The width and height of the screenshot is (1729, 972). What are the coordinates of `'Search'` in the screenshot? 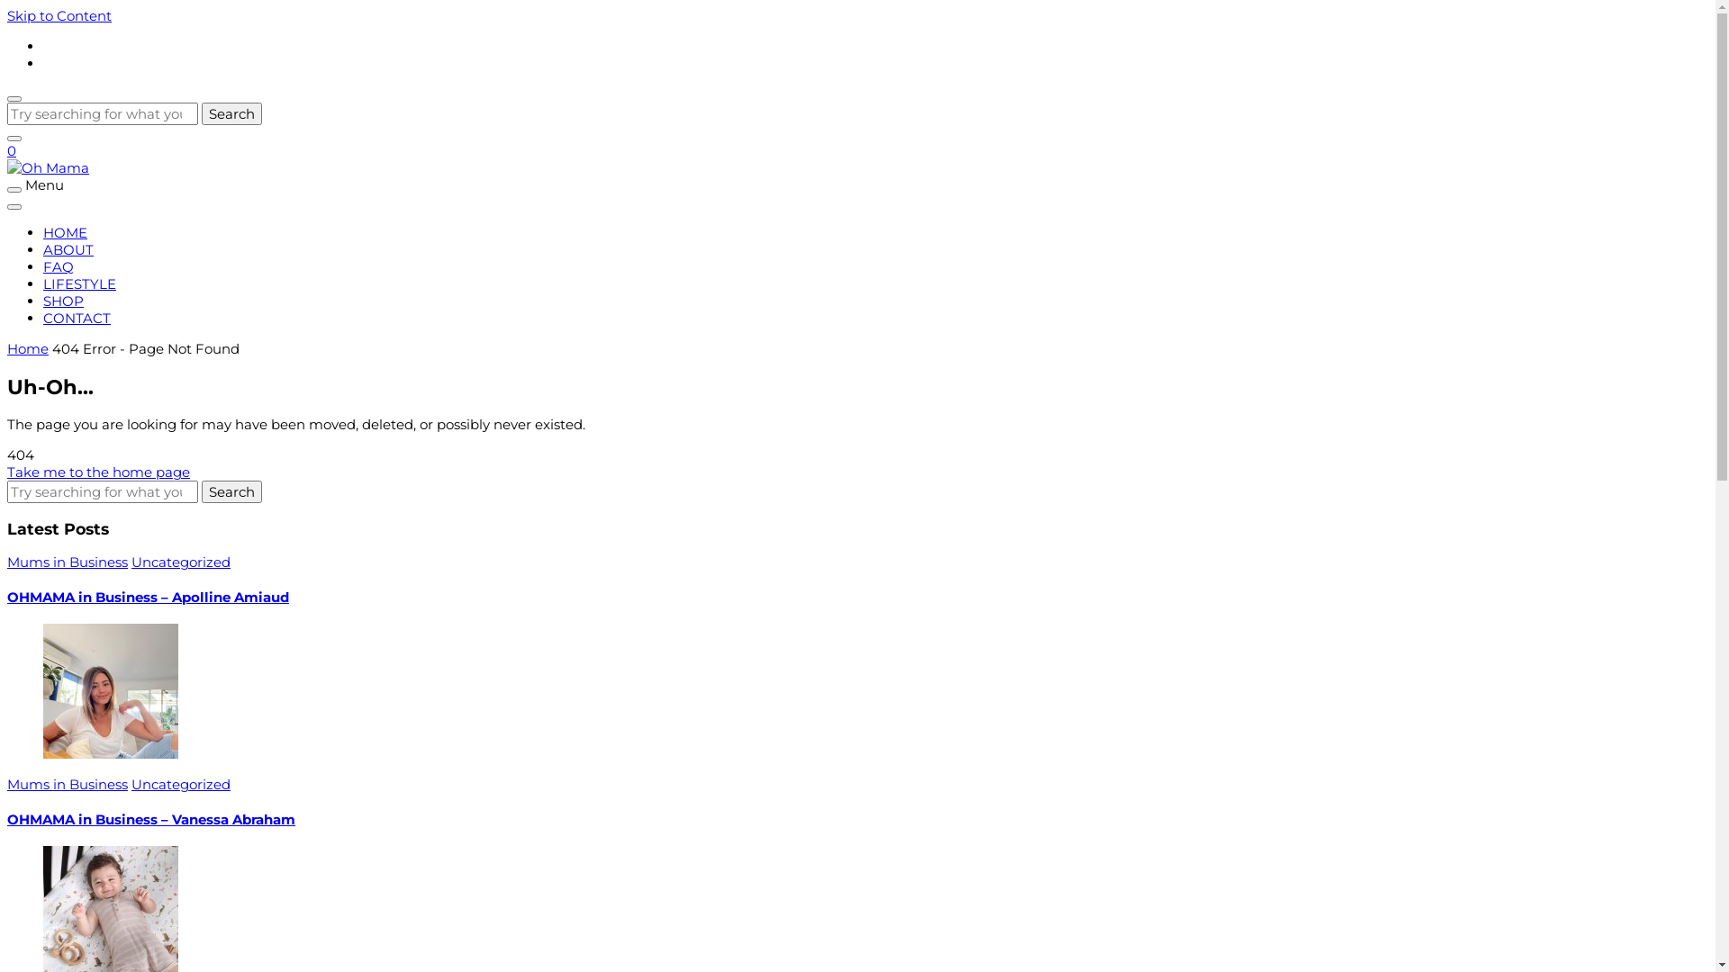 It's located at (231, 491).